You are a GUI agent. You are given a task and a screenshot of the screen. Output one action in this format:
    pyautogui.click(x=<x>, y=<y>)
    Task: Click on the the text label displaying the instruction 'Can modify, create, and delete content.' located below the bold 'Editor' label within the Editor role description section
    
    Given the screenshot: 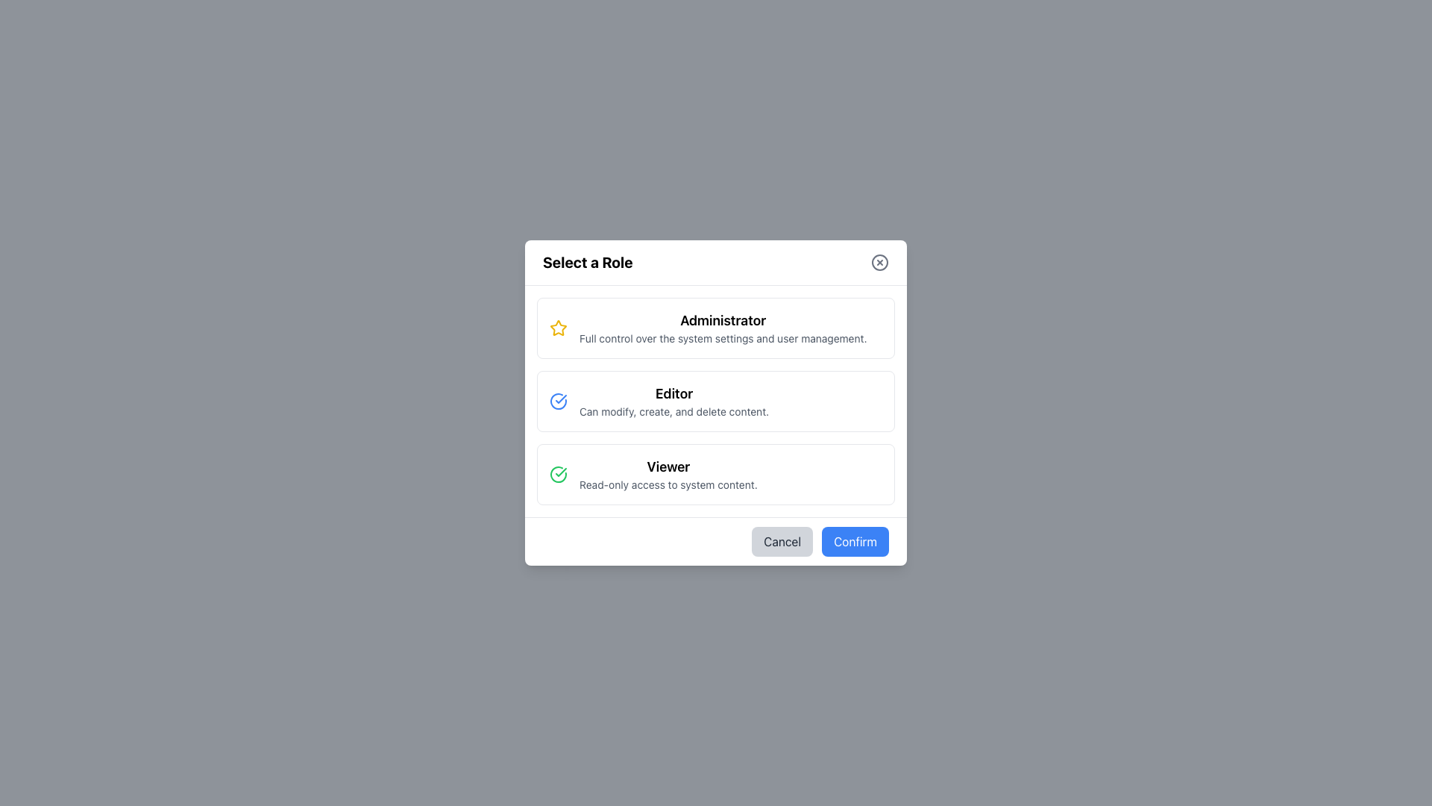 What is the action you would take?
    pyautogui.click(x=673, y=411)
    